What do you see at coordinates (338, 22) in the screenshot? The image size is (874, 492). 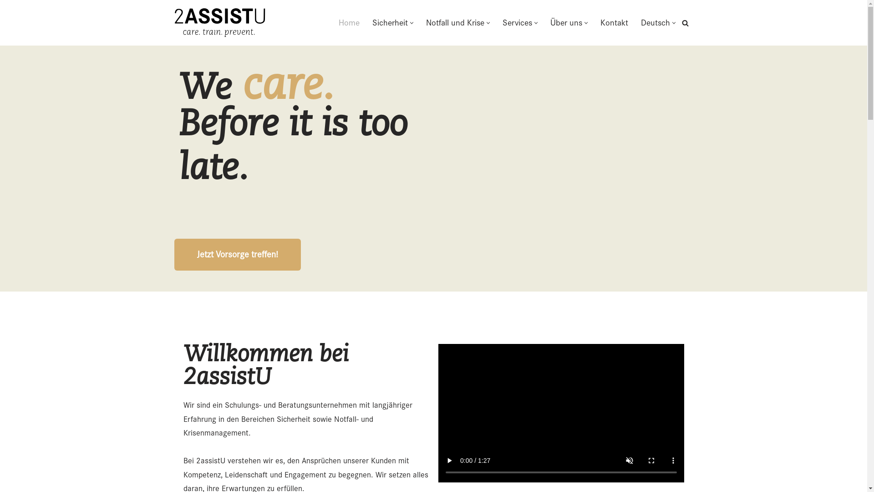 I see `'Home'` at bounding box center [338, 22].